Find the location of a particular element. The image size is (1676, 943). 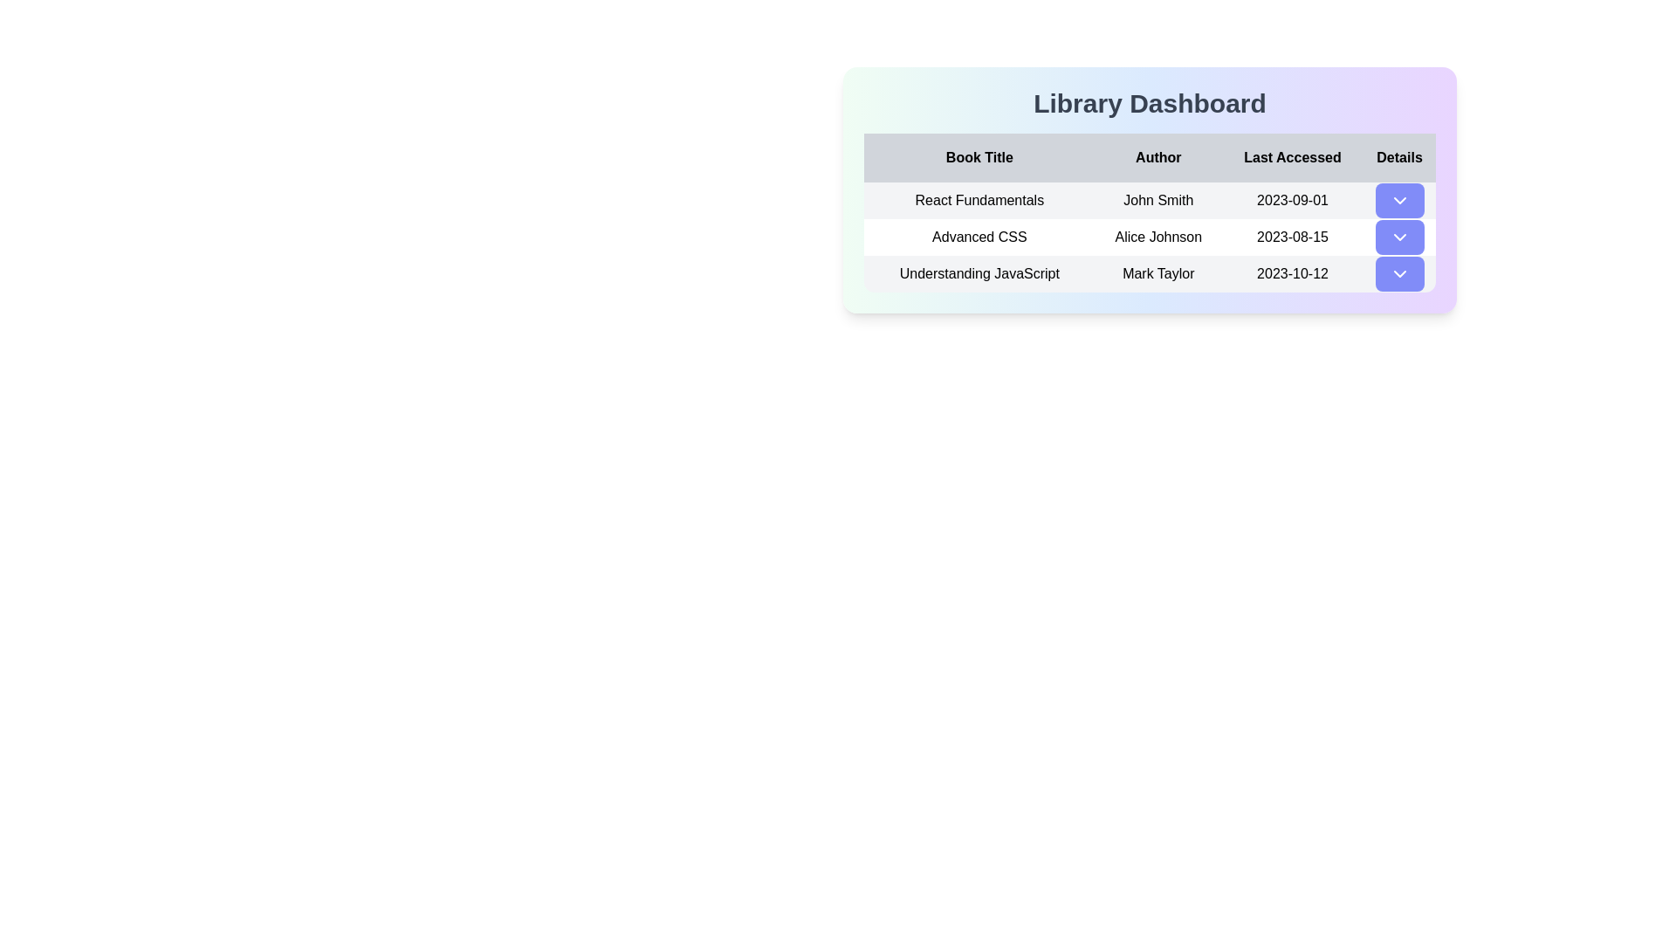

the static text label that serves as the header for the first column of the table, which lists book titles is located at coordinates (979, 158).